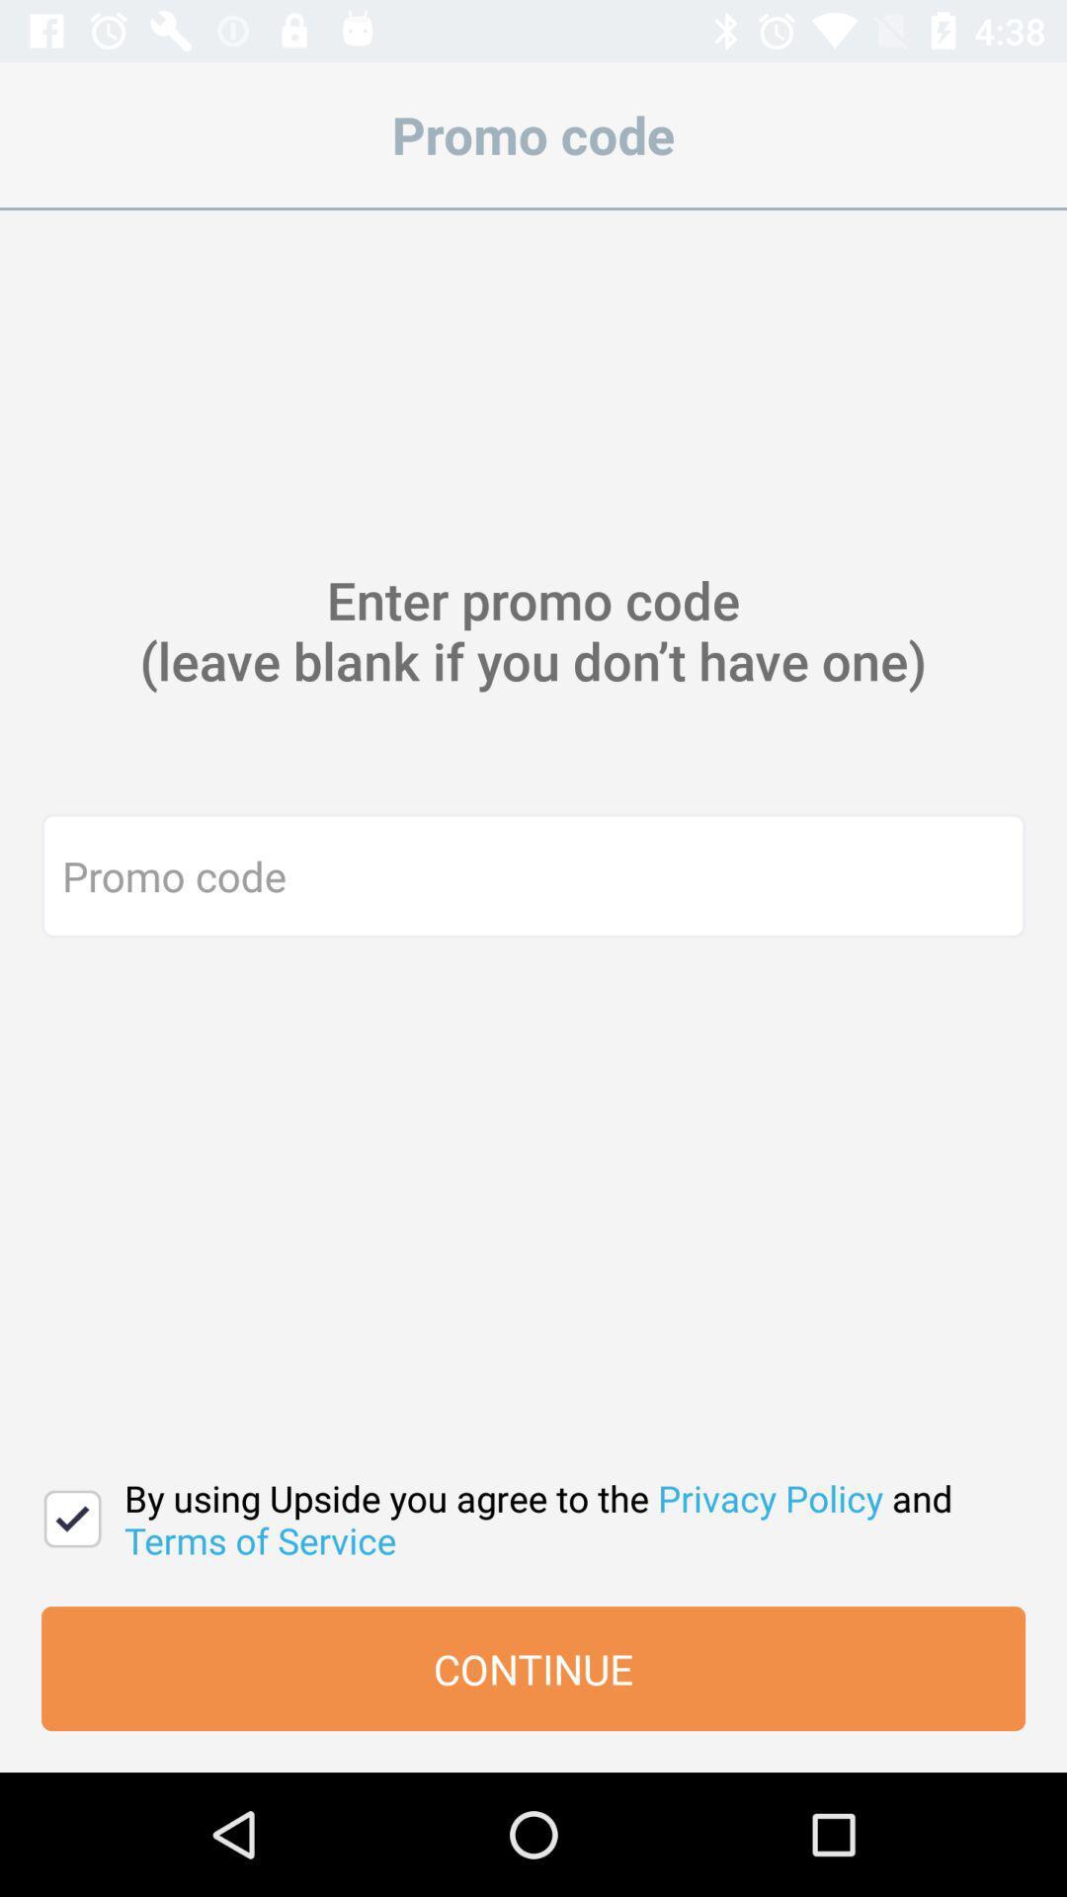  Describe the element at coordinates (564, 1518) in the screenshot. I see `by using upside` at that location.